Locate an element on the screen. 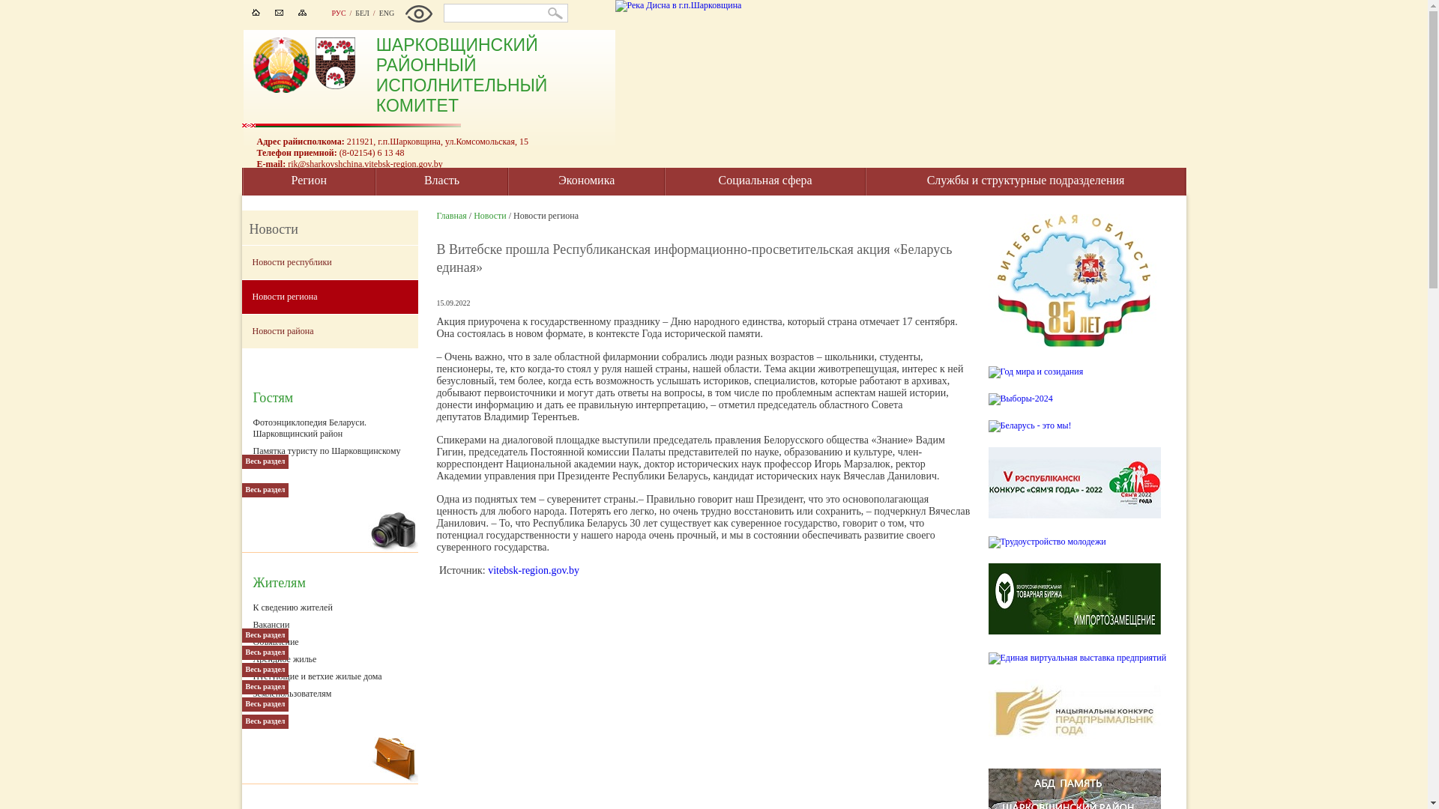  'vitebsk-region.gov.by' is located at coordinates (533, 570).